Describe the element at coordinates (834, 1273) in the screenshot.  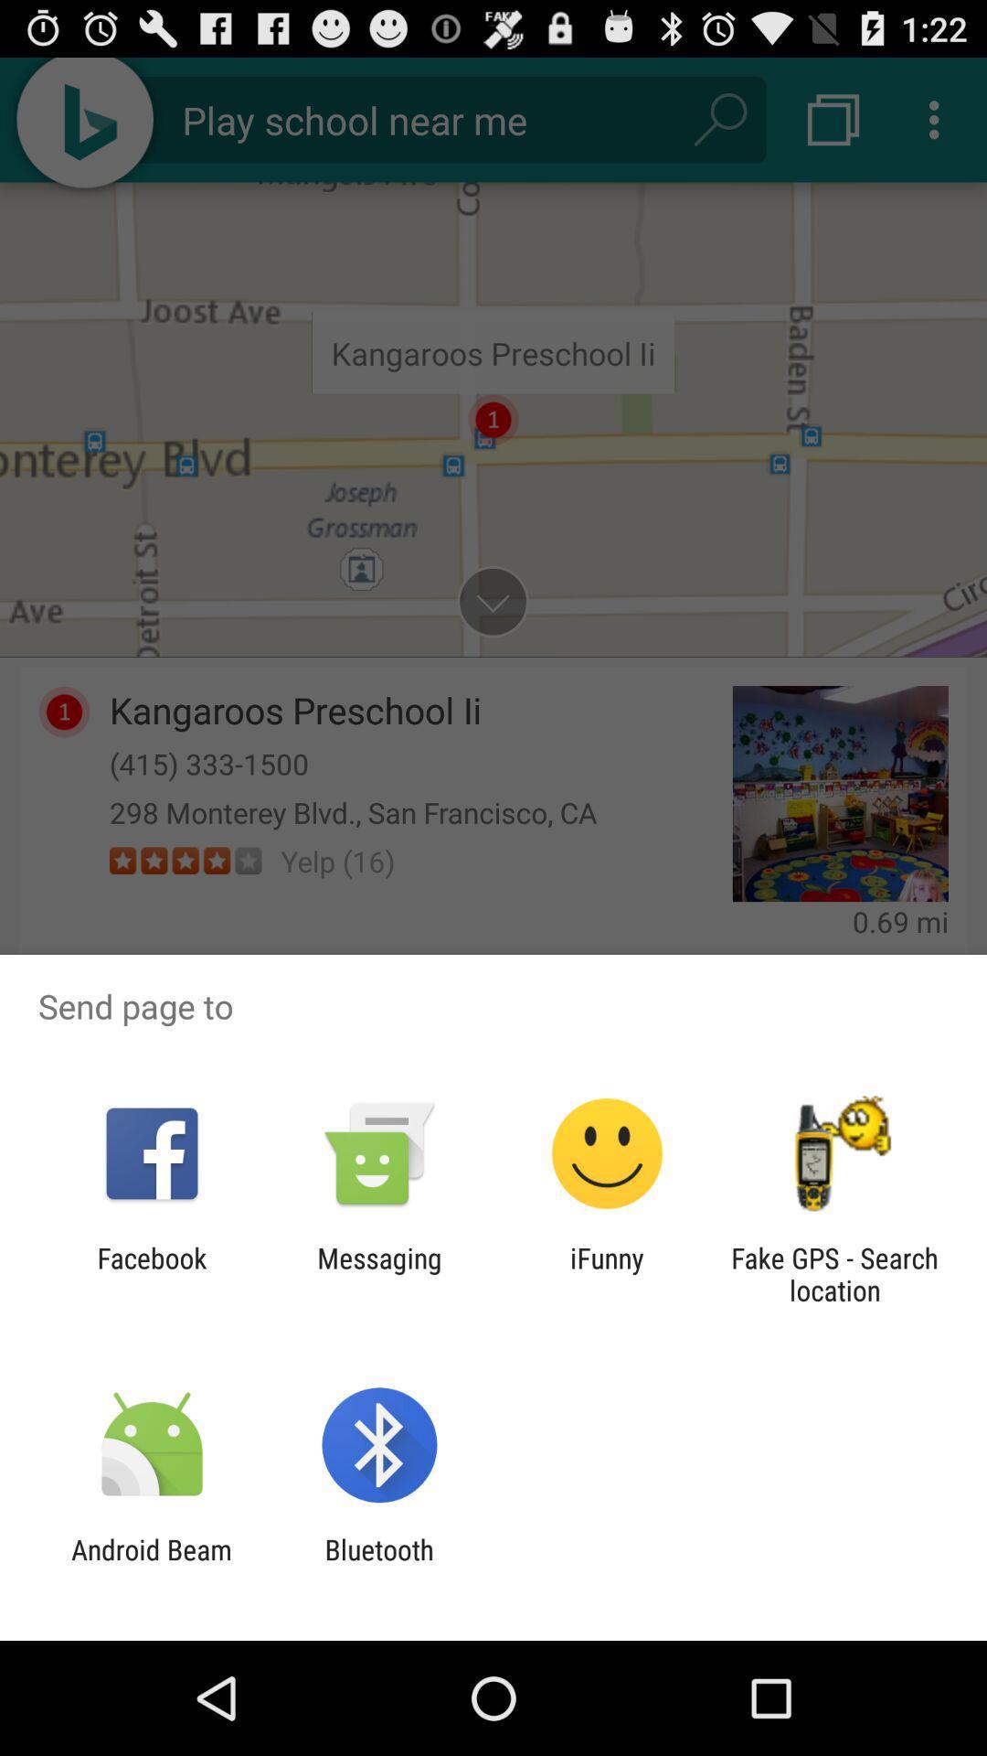
I see `the icon to the right of the ifunny icon` at that location.